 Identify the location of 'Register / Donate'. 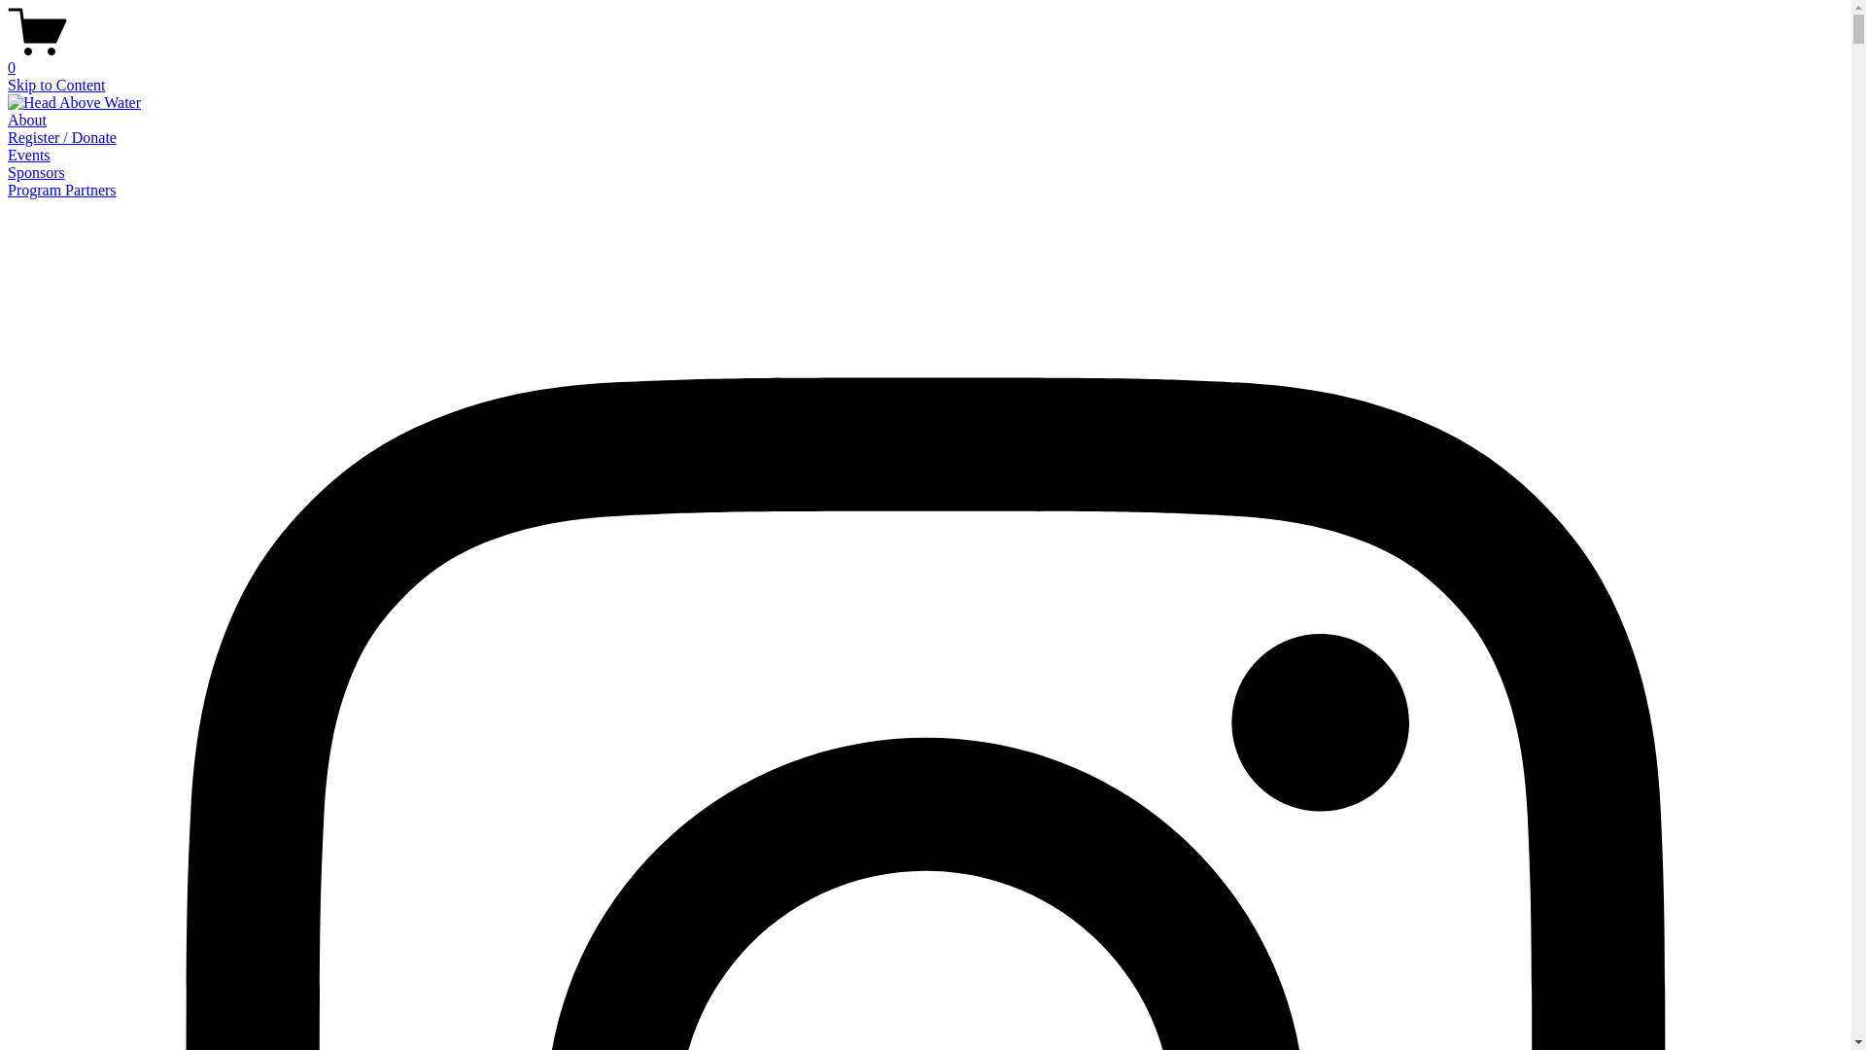
(61, 136).